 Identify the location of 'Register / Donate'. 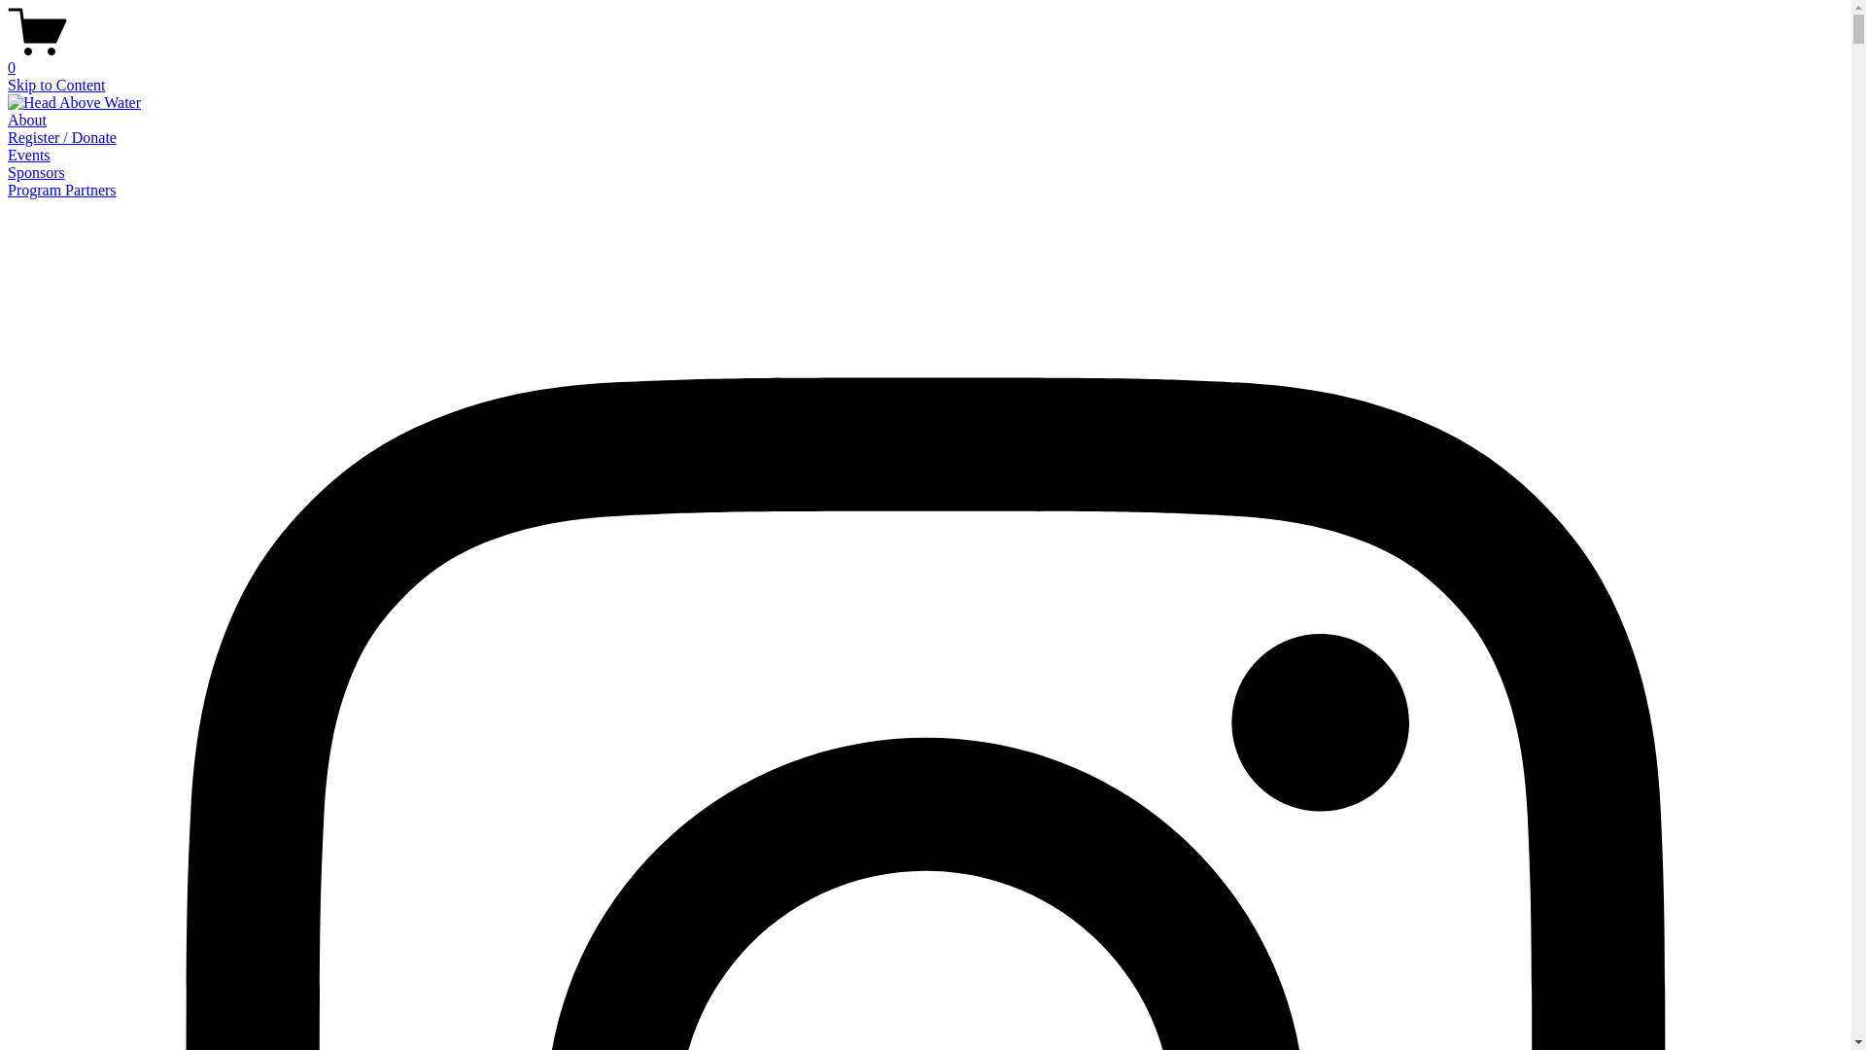
(61, 136).